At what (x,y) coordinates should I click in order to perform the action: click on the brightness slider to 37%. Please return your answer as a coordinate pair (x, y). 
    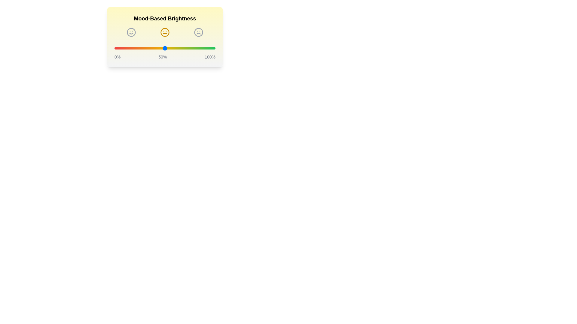
    Looking at the image, I should click on (152, 48).